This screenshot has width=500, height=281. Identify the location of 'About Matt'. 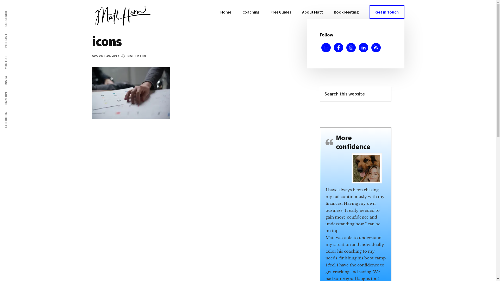
(312, 12).